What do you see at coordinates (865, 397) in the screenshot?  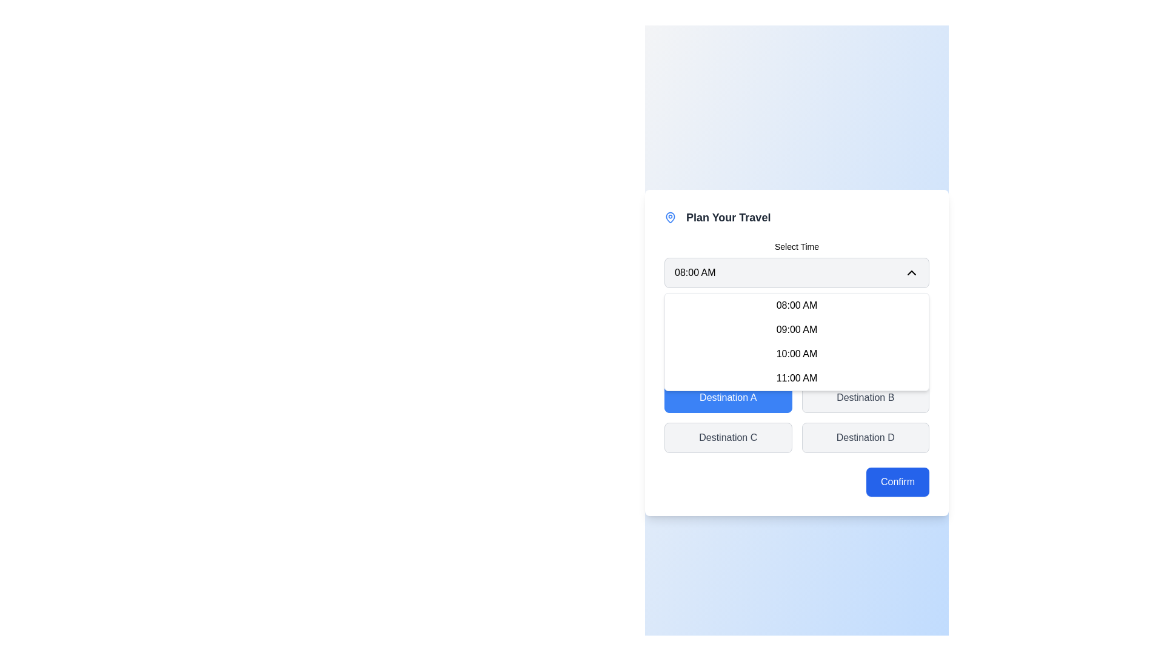 I see `the button labeled 'Destination B', which has a light gray background and medium-gray text` at bounding box center [865, 397].